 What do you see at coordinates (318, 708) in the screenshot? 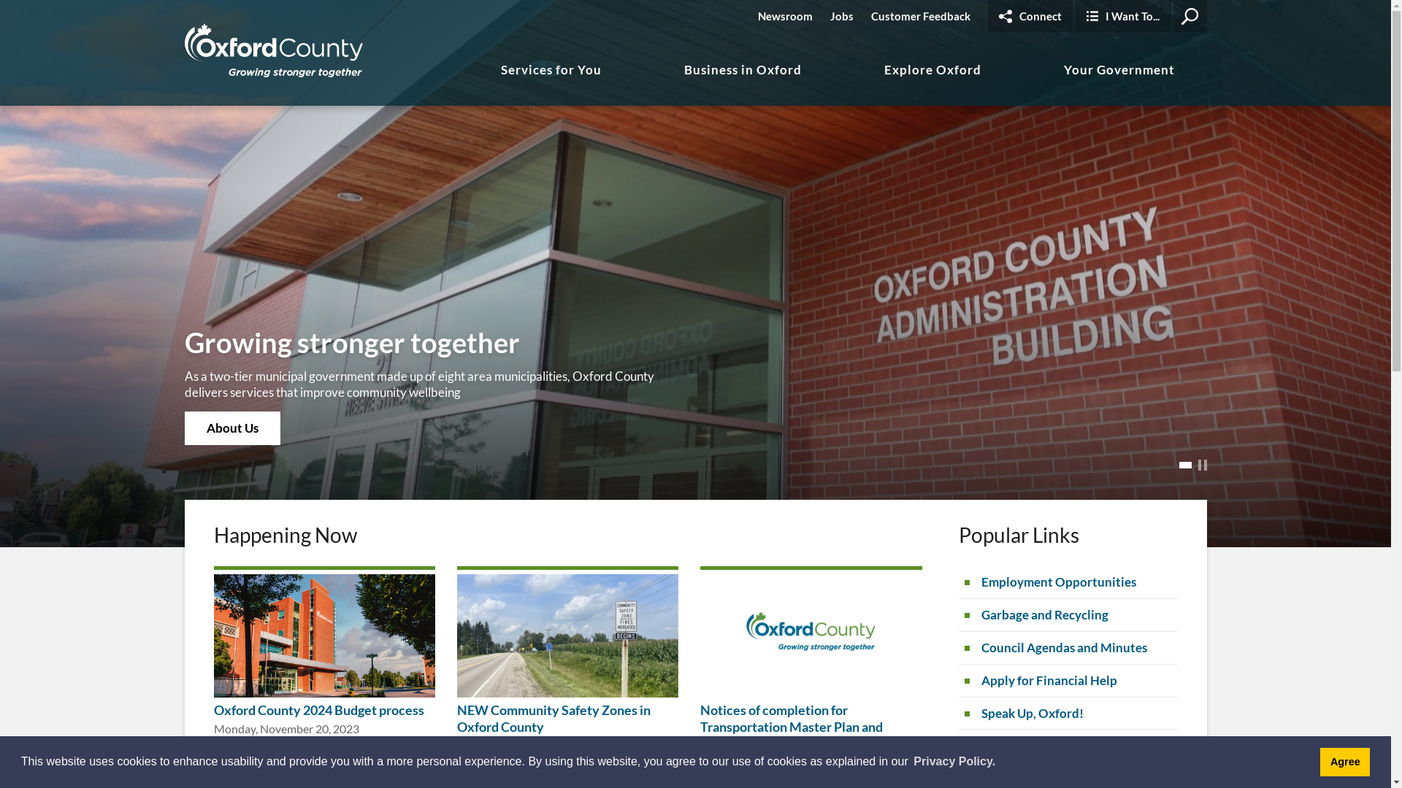
I see `'Oxford County 2024 Budget process'` at bounding box center [318, 708].